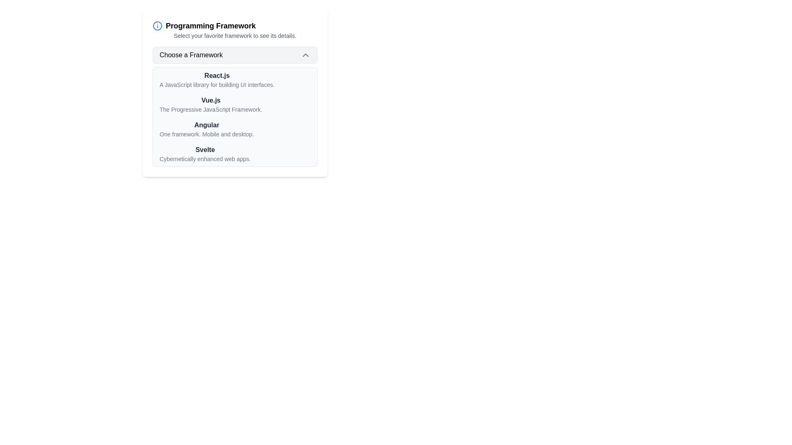  What do you see at coordinates (158, 25) in the screenshot?
I see `the blue SVG circle that represents an information icon located in the top-left corner of the layout` at bounding box center [158, 25].